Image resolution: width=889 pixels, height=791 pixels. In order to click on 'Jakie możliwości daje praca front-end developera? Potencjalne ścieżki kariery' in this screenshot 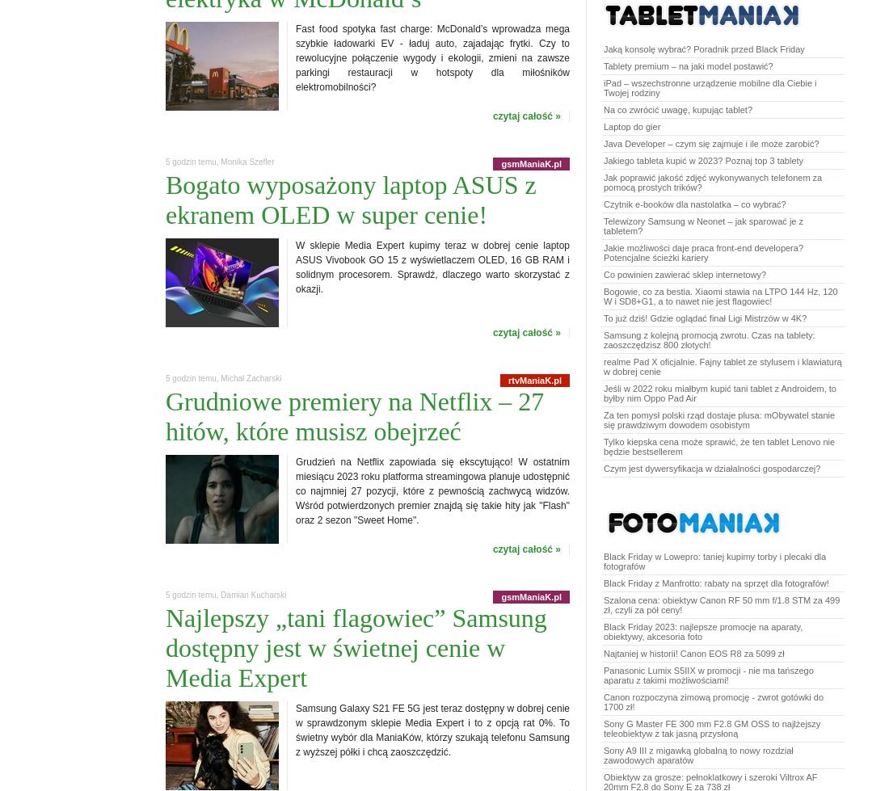, I will do `click(603, 252)`.